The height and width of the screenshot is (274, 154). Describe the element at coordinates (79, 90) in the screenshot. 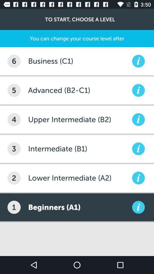

I see `the icon next to the 5 icon` at that location.